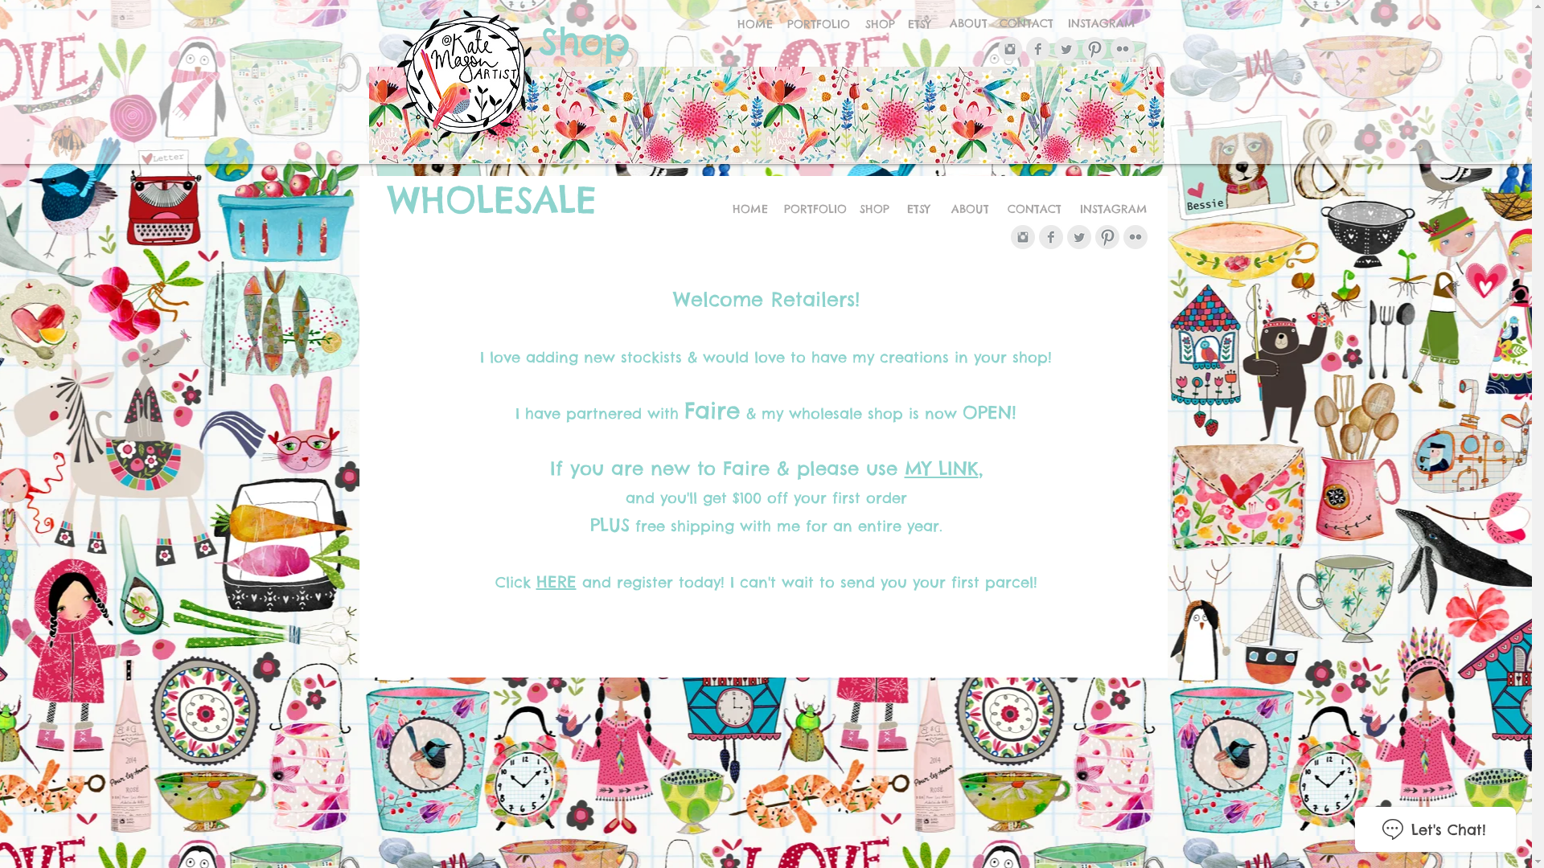 Image resolution: width=1544 pixels, height=868 pixels. I want to click on 'HOME', so click(728, 209).